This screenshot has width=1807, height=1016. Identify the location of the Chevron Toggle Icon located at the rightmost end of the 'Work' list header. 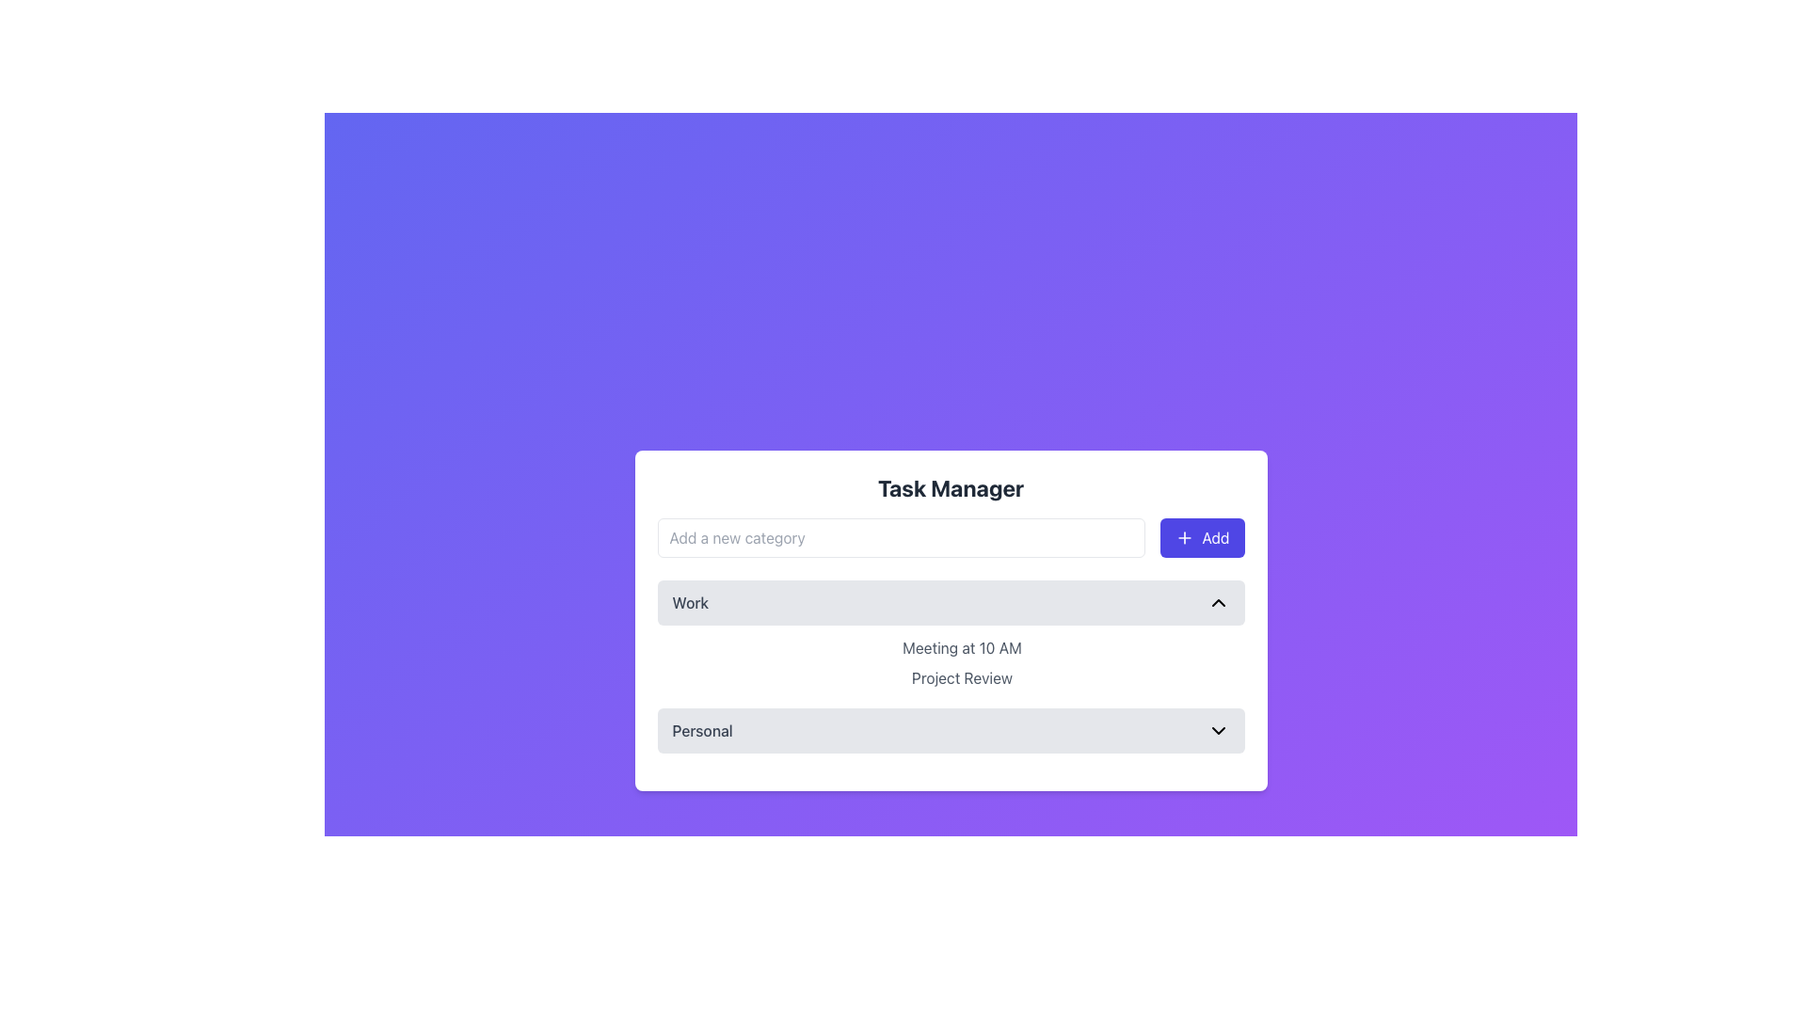
(1218, 602).